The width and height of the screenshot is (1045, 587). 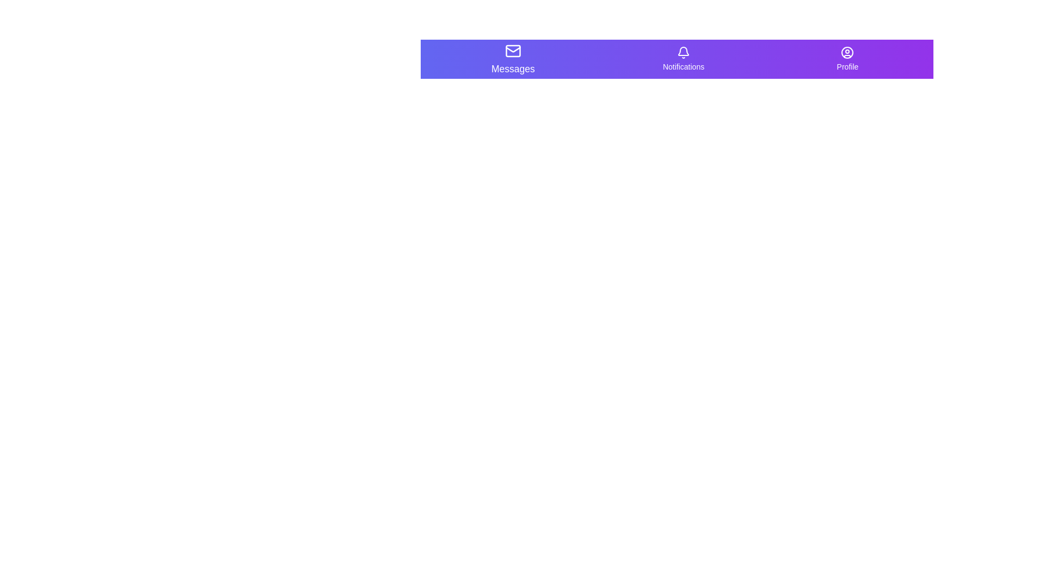 What do you see at coordinates (512, 59) in the screenshot?
I see `the navigation item labeled Messages to select it` at bounding box center [512, 59].